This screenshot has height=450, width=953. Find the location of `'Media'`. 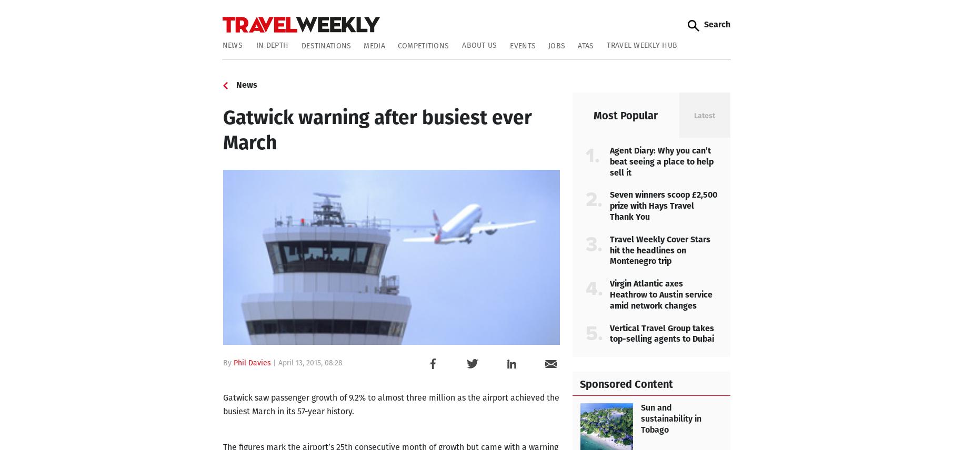

'Media' is located at coordinates (364, 46).